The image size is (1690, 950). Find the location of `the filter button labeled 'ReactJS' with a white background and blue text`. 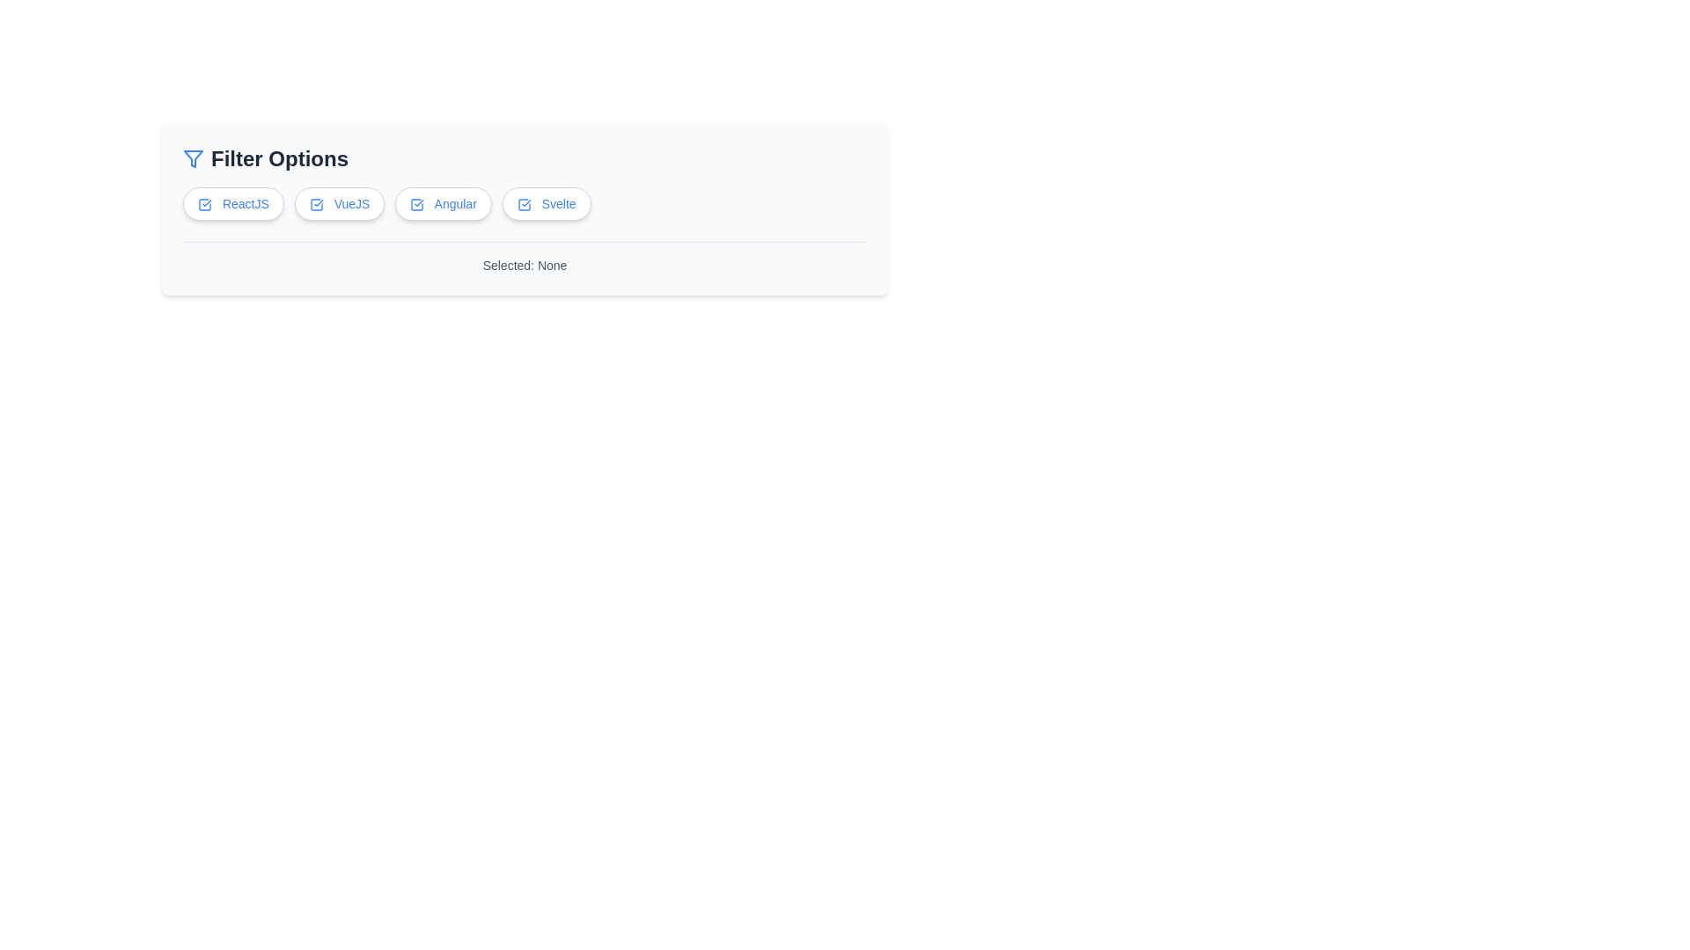

the filter button labeled 'ReactJS' with a white background and blue text is located at coordinates (232, 202).